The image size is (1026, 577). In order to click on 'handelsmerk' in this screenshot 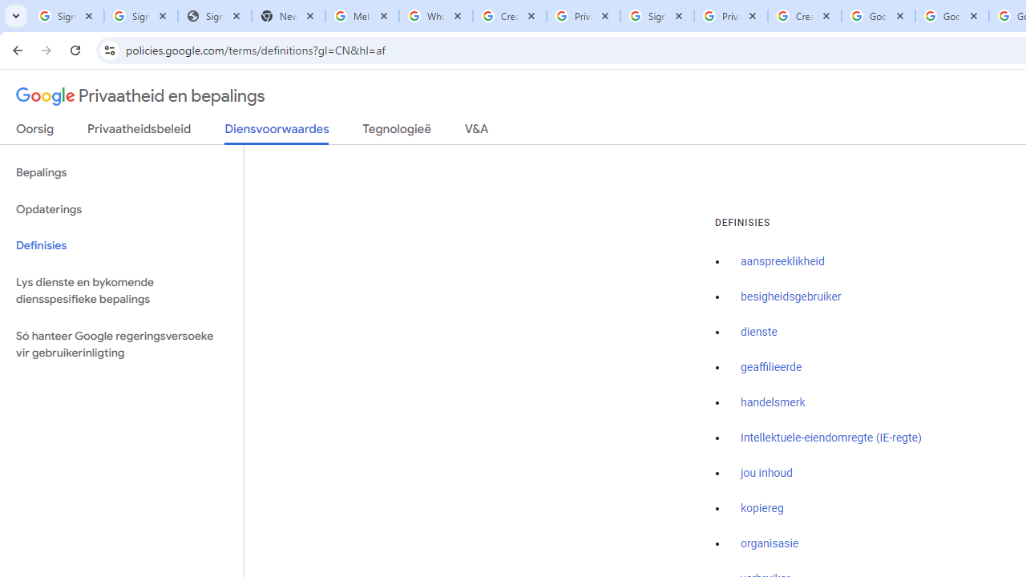, I will do `click(773, 401)`.